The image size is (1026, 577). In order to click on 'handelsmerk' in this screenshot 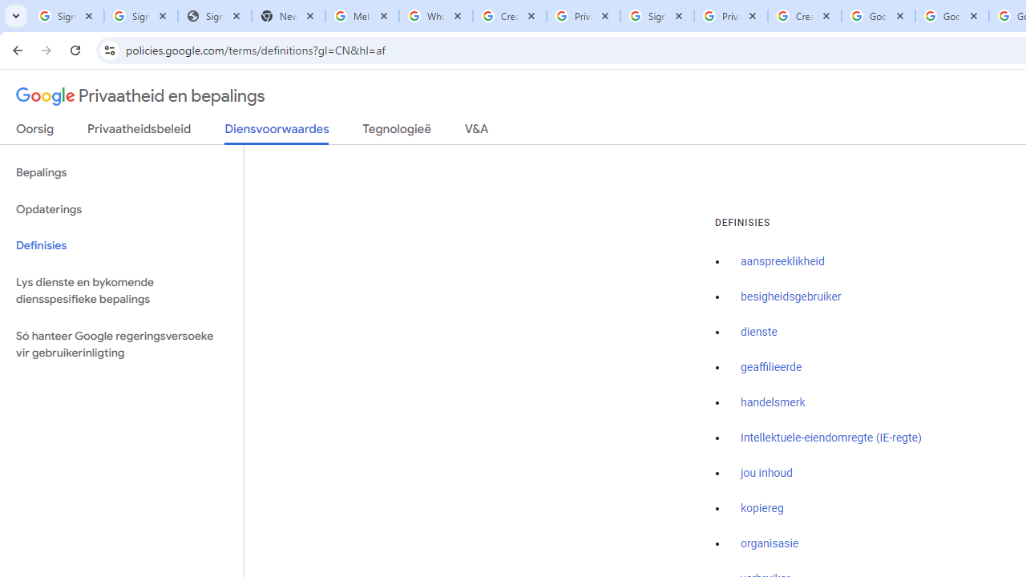, I will do `click(773, 401)`.